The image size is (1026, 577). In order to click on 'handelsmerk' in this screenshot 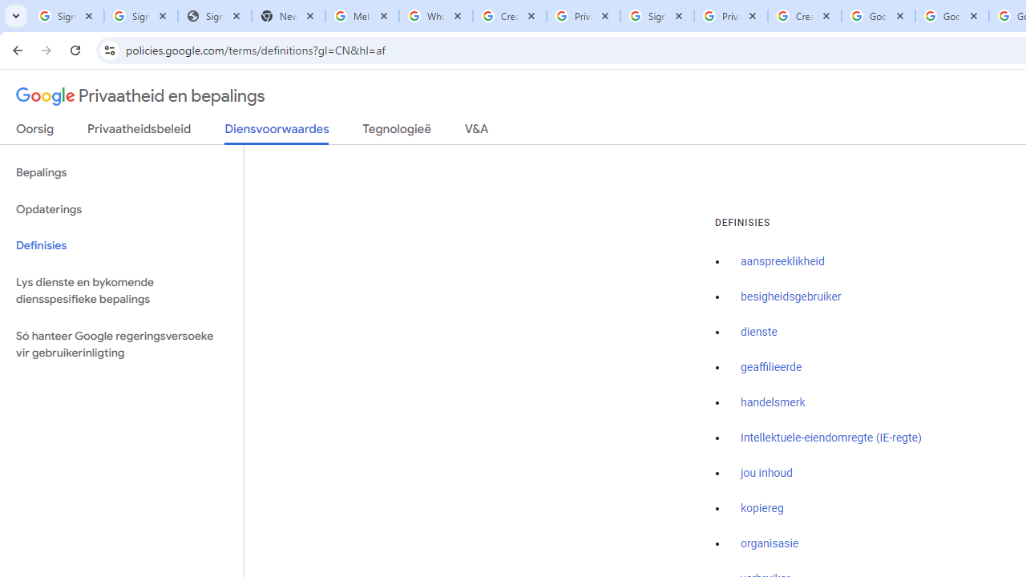, I will do `click(773, 401)`.